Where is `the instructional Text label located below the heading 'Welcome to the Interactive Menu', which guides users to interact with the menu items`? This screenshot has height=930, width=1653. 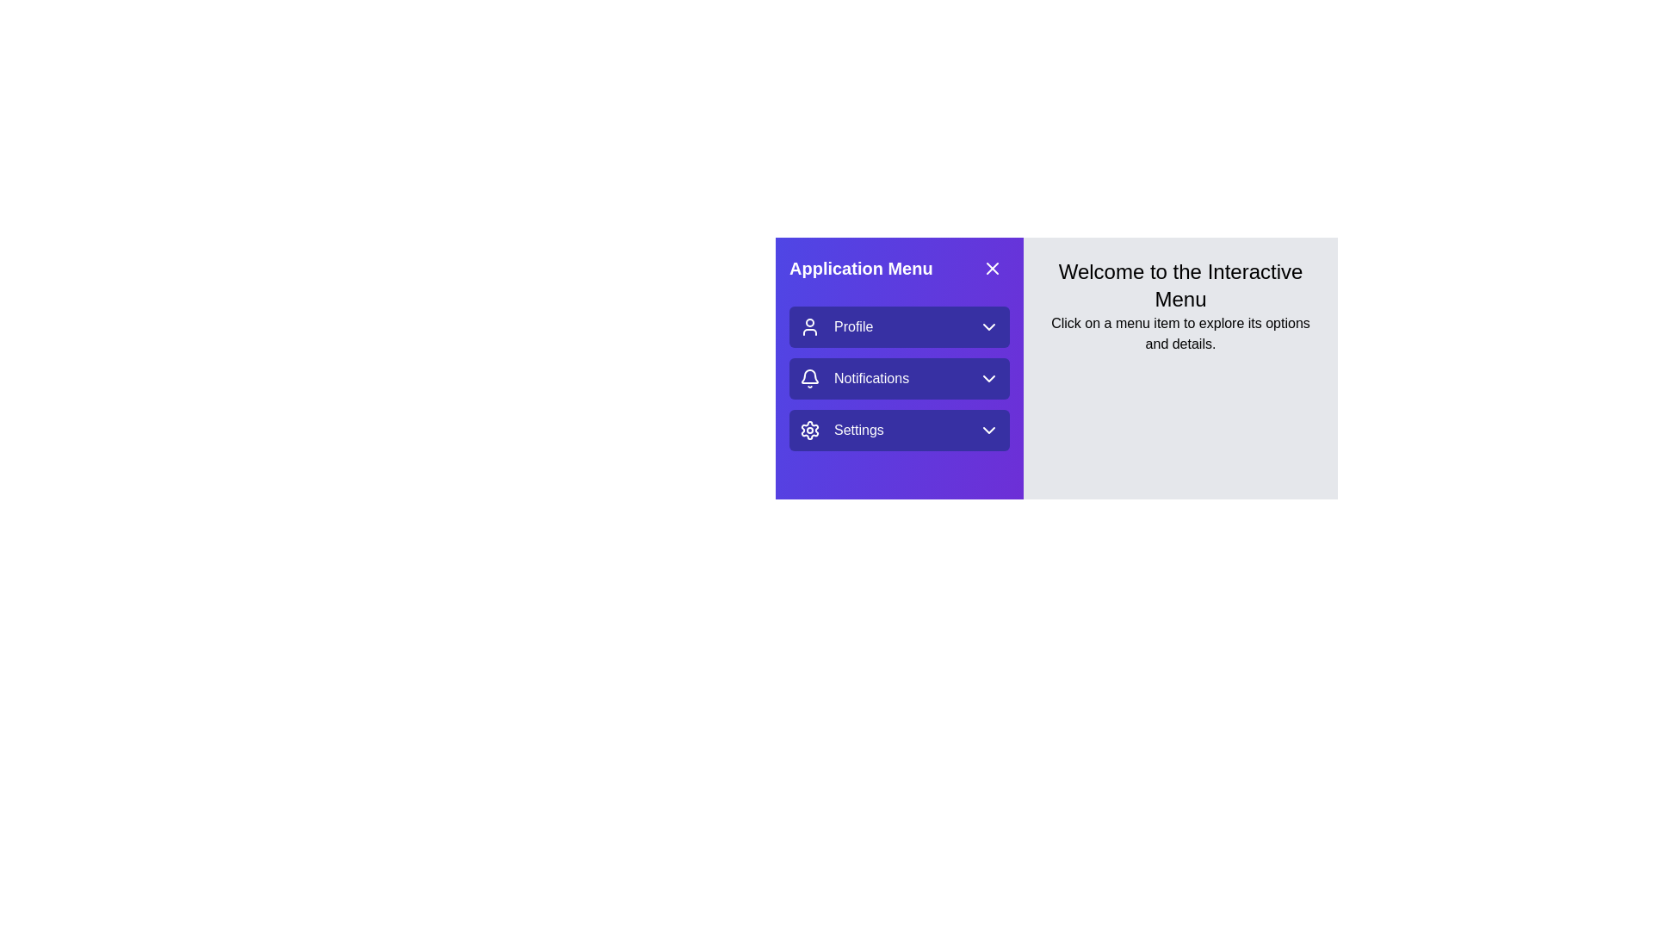 the instructional Text label located below the heading 'Welcome to the Interactive Menu', which guides users to interact with the menu items is located at coordinates (1179, 334).